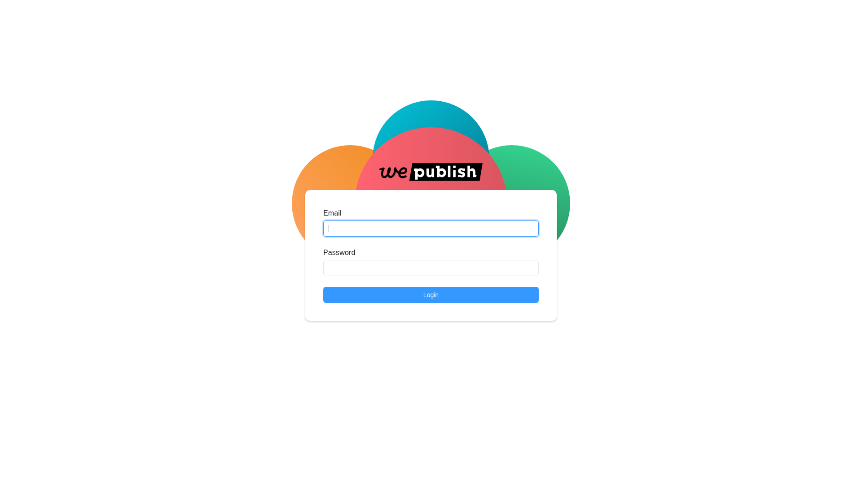 The height and width of the screenshot is (484, 862). What do you see at coordinates (431, 295) in the screenshot?
I see `'Login'` at bounding box center [431, 295].